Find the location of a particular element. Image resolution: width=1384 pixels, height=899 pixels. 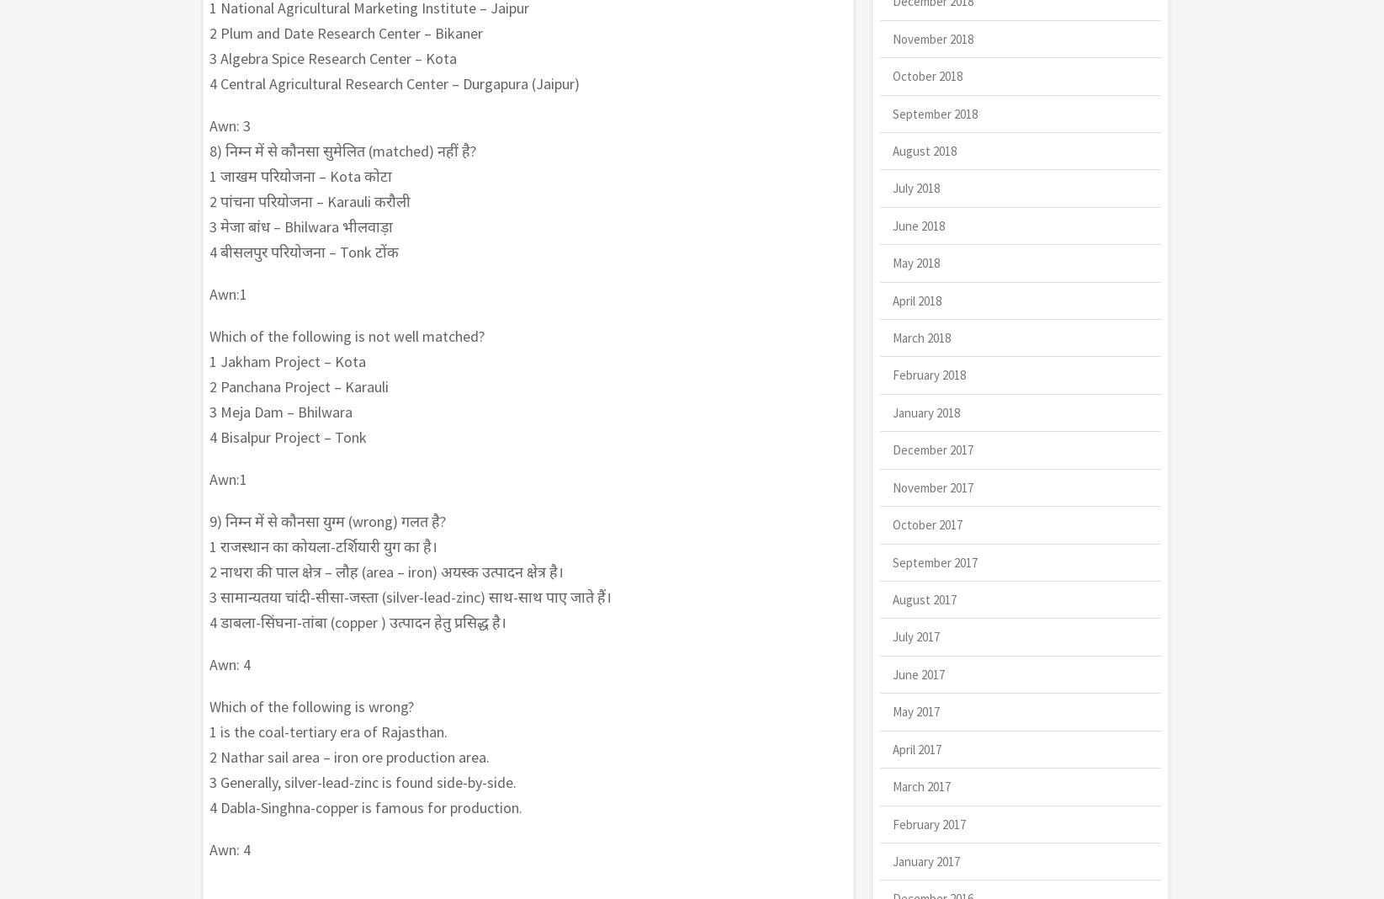

'May 2017' is located at coordinates (915, 710).